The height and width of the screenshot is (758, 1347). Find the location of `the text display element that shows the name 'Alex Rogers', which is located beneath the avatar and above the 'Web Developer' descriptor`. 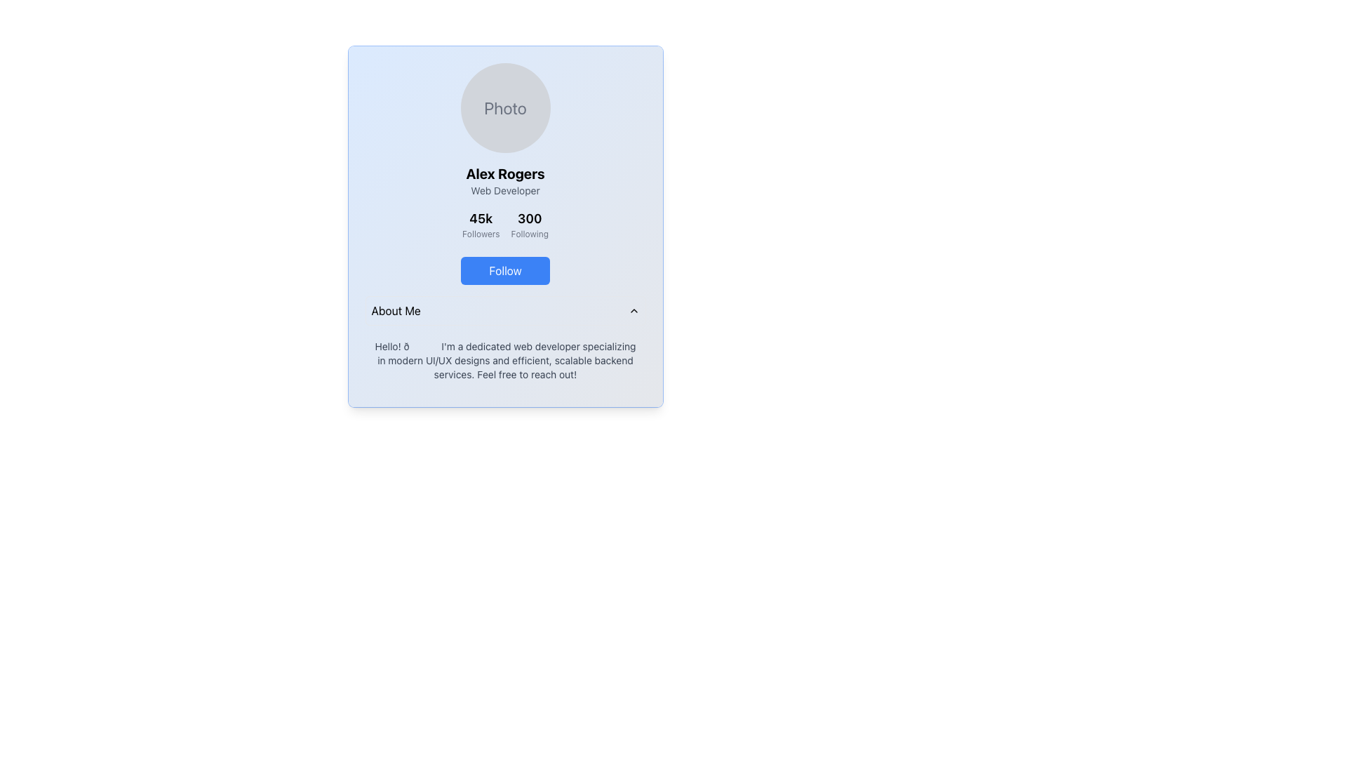

the text display element that shows the name 'Alex Rogers', which is located beneath the avatar and above the 'Web Developer' descriptor is located at coordinates (505, 173).